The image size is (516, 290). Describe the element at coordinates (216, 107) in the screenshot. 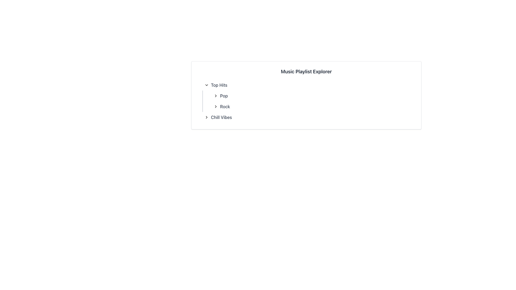

I see `the rightward-pointing chevron icon located to the left of the text 'Rock' in the clickable list item under the 'Top Hits' category to observe any visual feedback` at that location.